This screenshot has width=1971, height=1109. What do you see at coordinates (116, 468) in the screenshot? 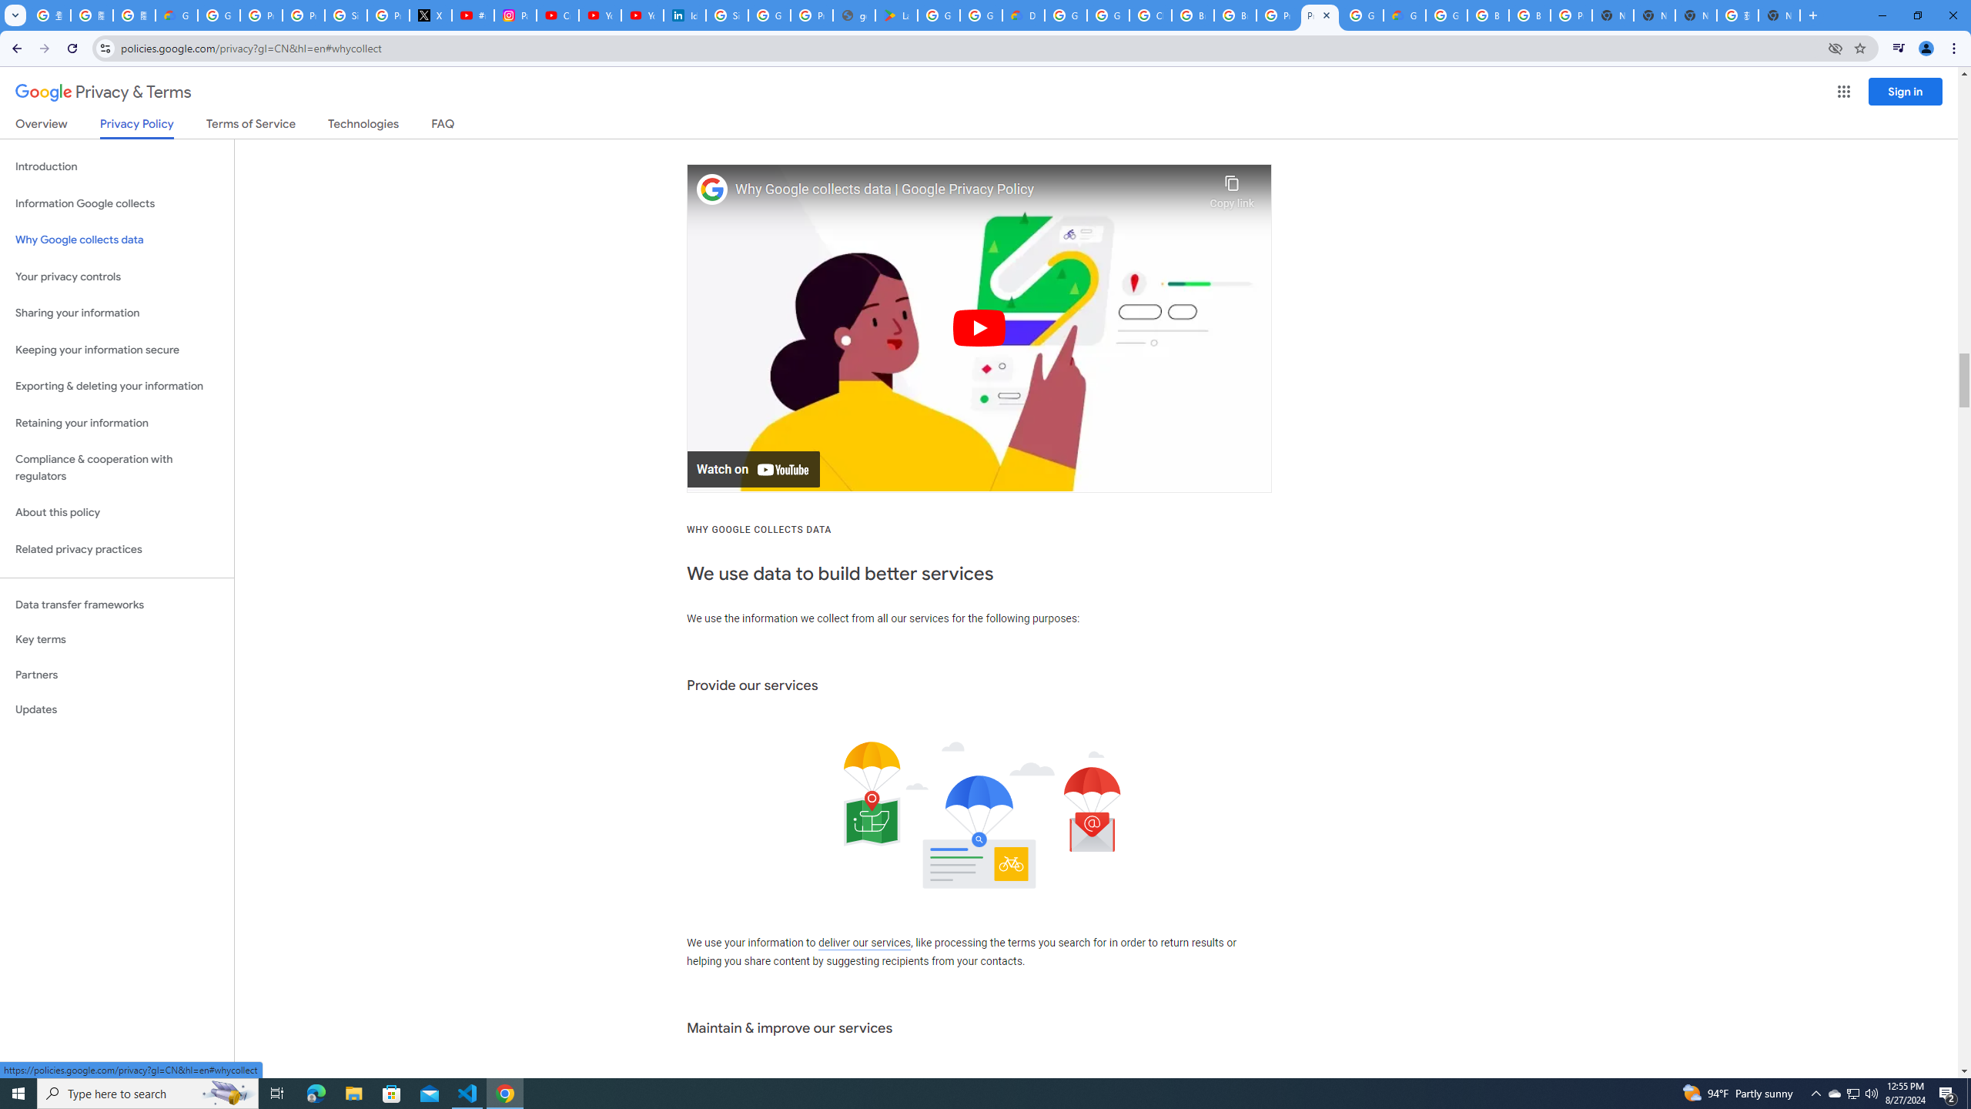
I see `'Compliance & cooperation with regulators'` at bounding box center [116, 468].